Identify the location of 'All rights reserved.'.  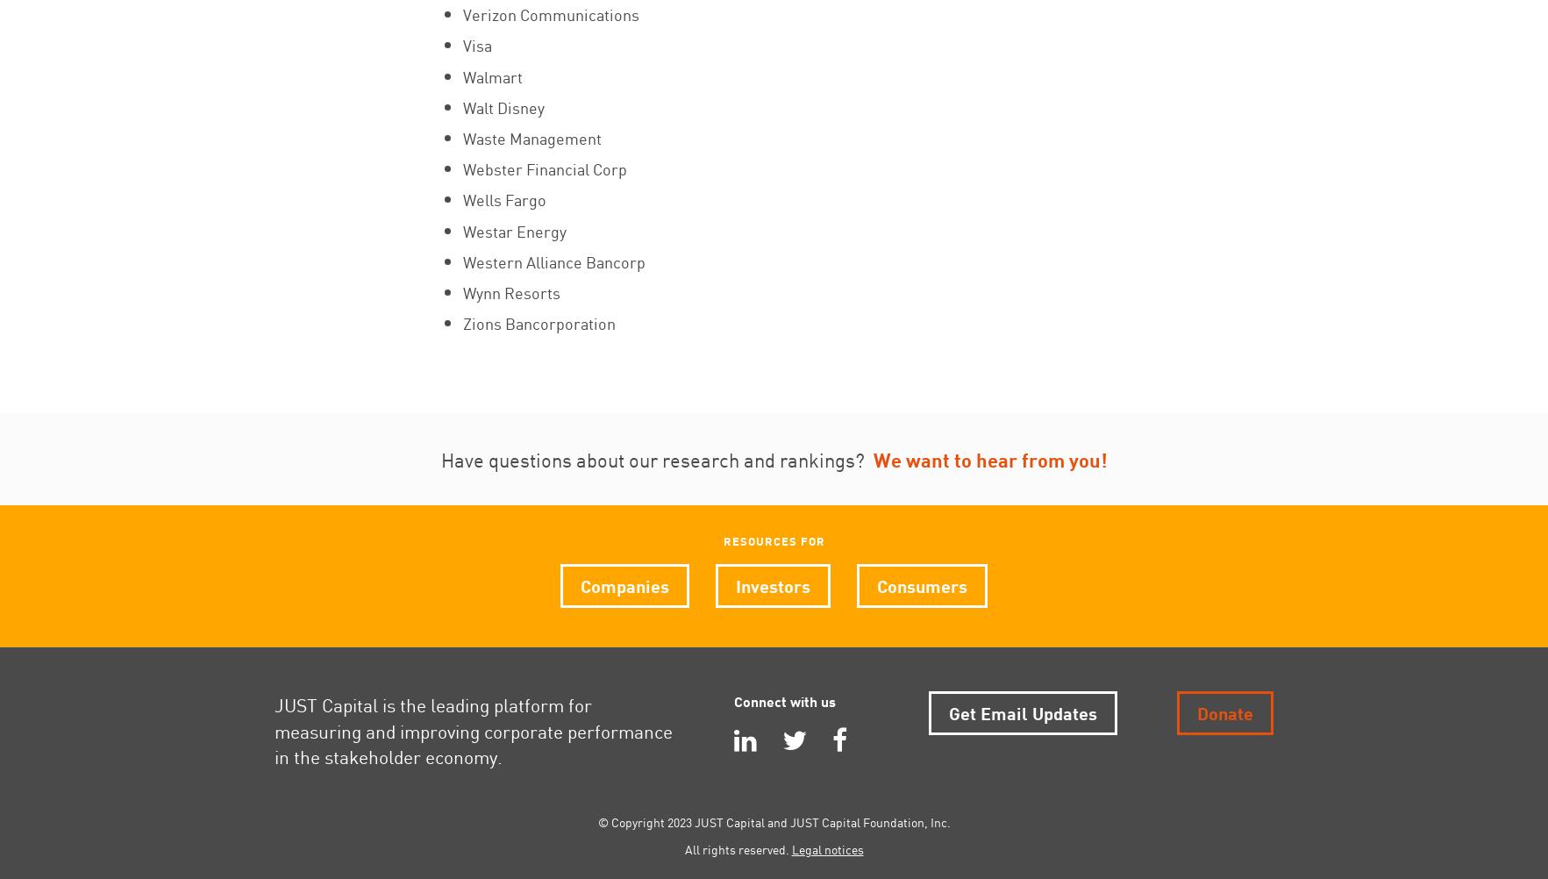
(682, 847).